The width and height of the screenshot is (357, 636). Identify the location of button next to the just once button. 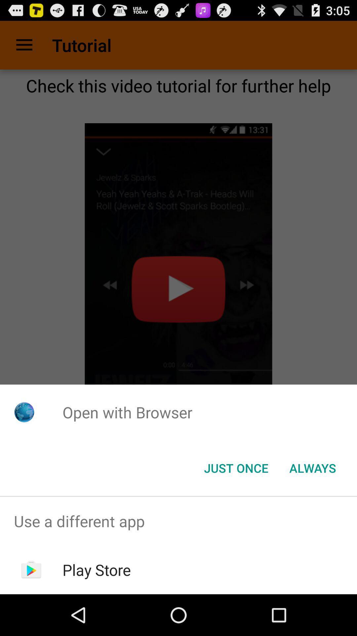
(312, 467).